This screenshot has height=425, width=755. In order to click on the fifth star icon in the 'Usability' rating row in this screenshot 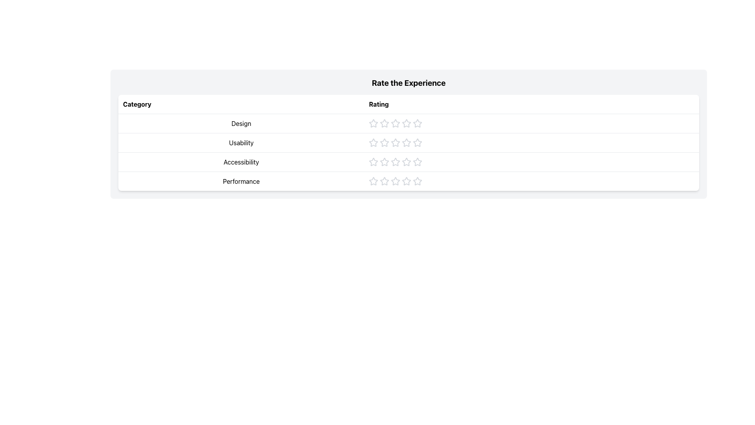, I will do `click(417, 142)`.